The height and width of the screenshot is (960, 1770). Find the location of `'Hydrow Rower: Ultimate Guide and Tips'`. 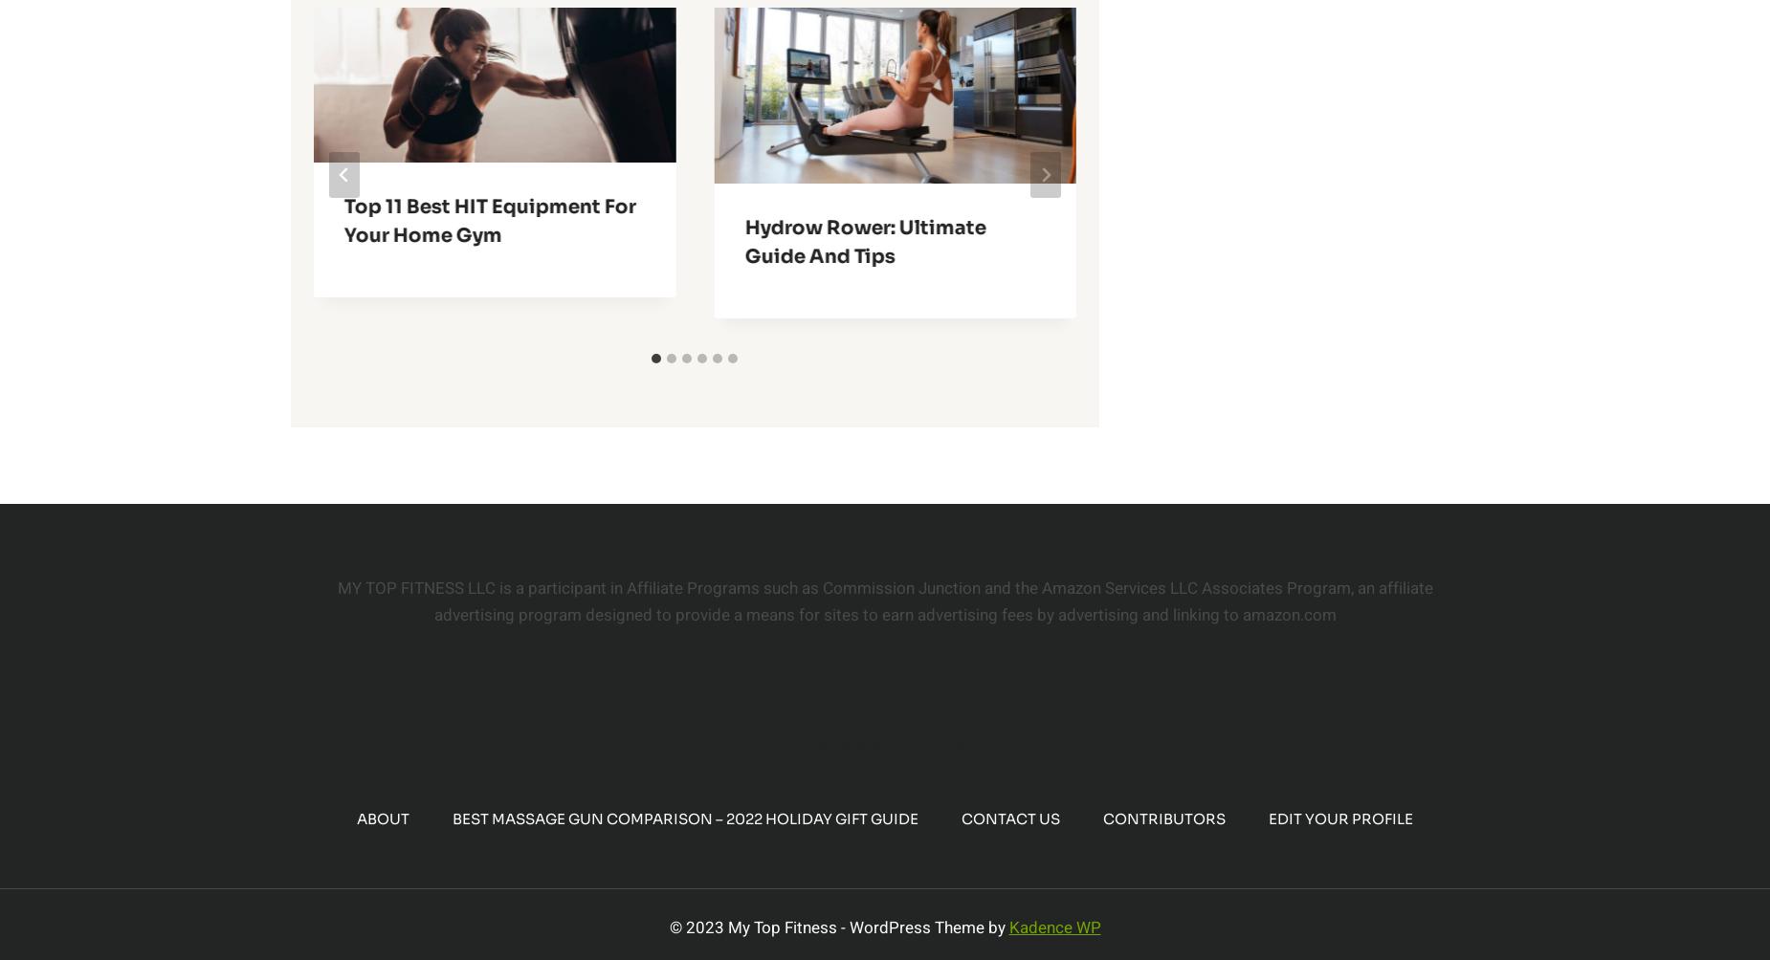

'Hydrow Rower: Ultimate Guide and Tips' is located at coordinates (864, 242).